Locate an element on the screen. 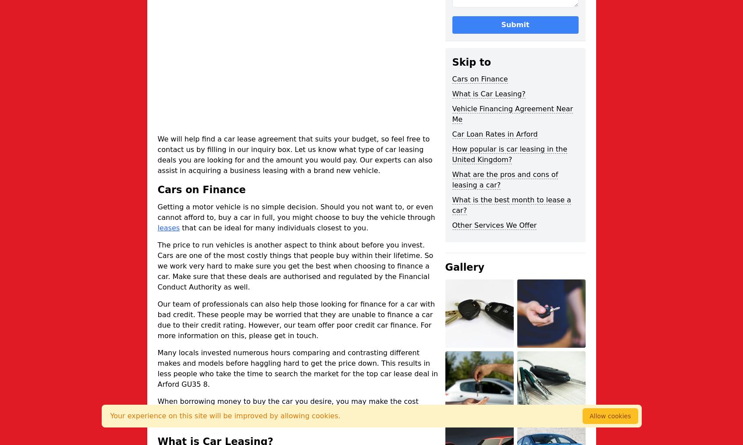  'Many locals invested numerous hours comparing and contrasting different makes and models before haggling hard to get the price down. This results in less people who take the time to search the market for the top car lease deal in Arford GU35 8.' is located at coordinates (298, 368).